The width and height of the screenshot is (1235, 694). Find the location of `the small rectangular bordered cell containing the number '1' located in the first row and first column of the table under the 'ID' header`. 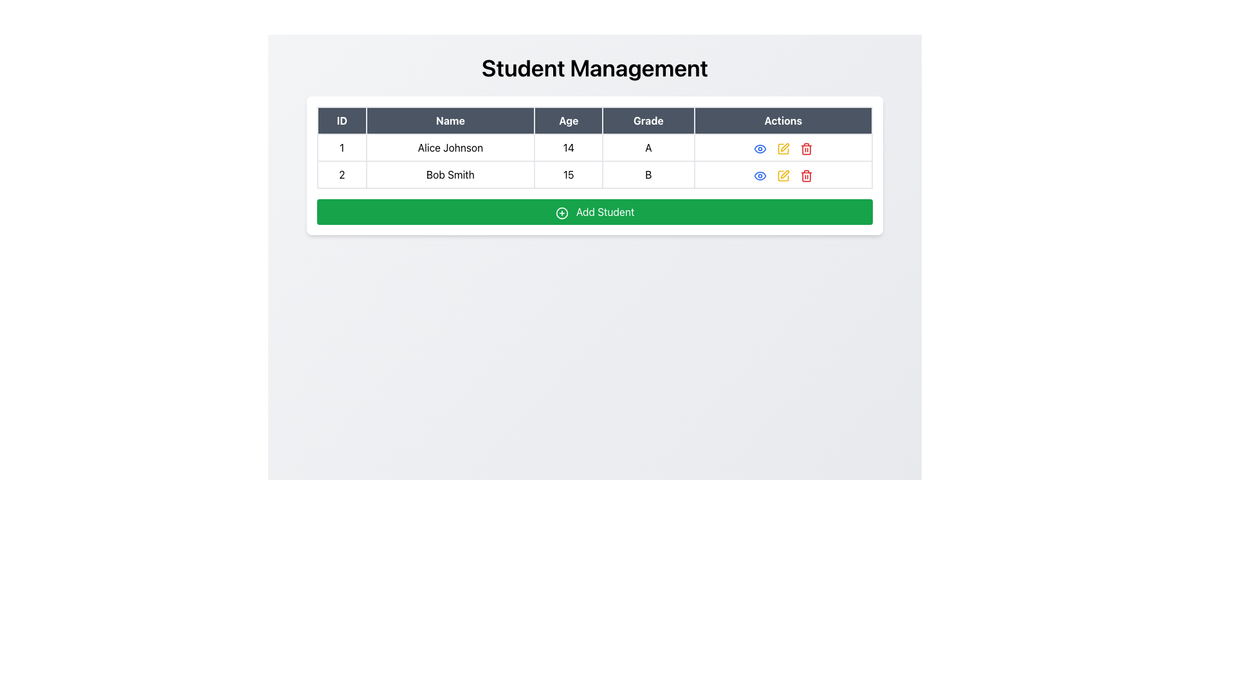

the small rectangular bordered cell containing the number '1' located in the first row and first column of the table under the 'ID' header is located at coordinates (342, 147).